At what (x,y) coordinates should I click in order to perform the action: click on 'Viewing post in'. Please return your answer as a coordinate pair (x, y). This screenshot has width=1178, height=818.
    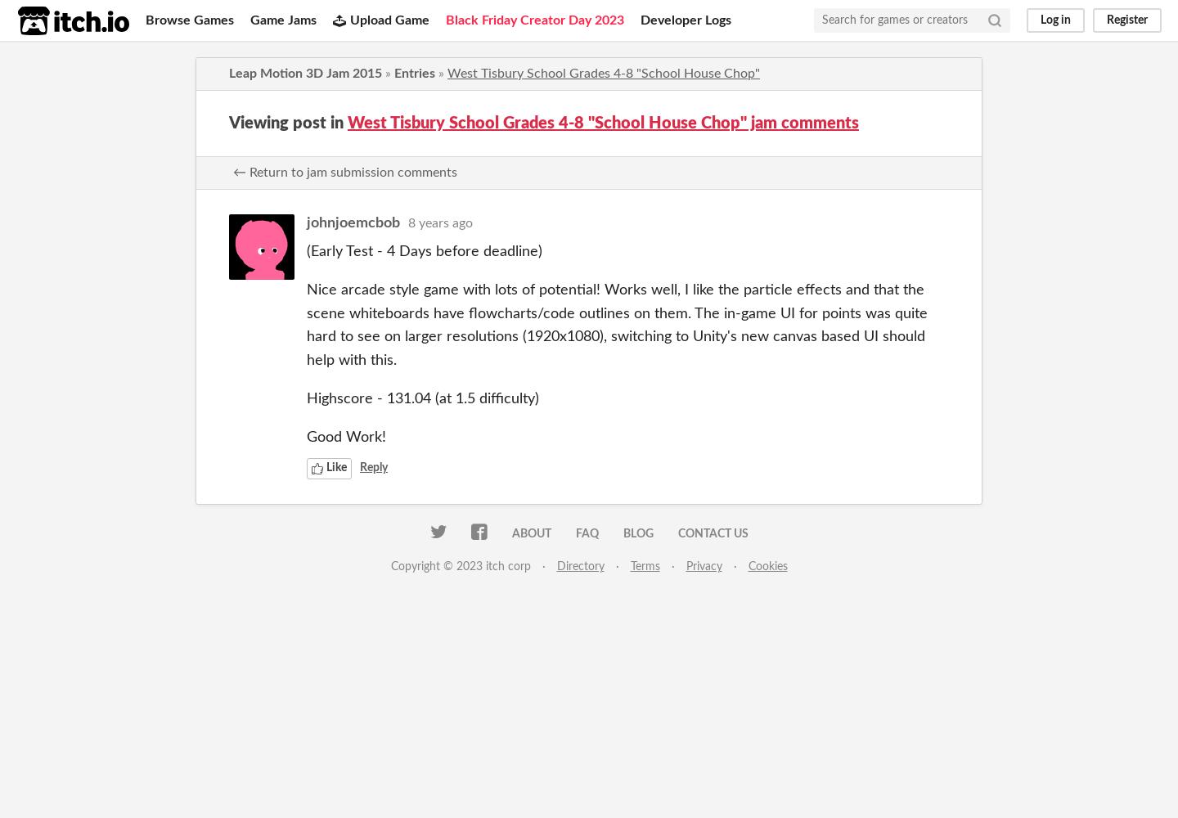
    Looking at the image, I should click on (288, 124).